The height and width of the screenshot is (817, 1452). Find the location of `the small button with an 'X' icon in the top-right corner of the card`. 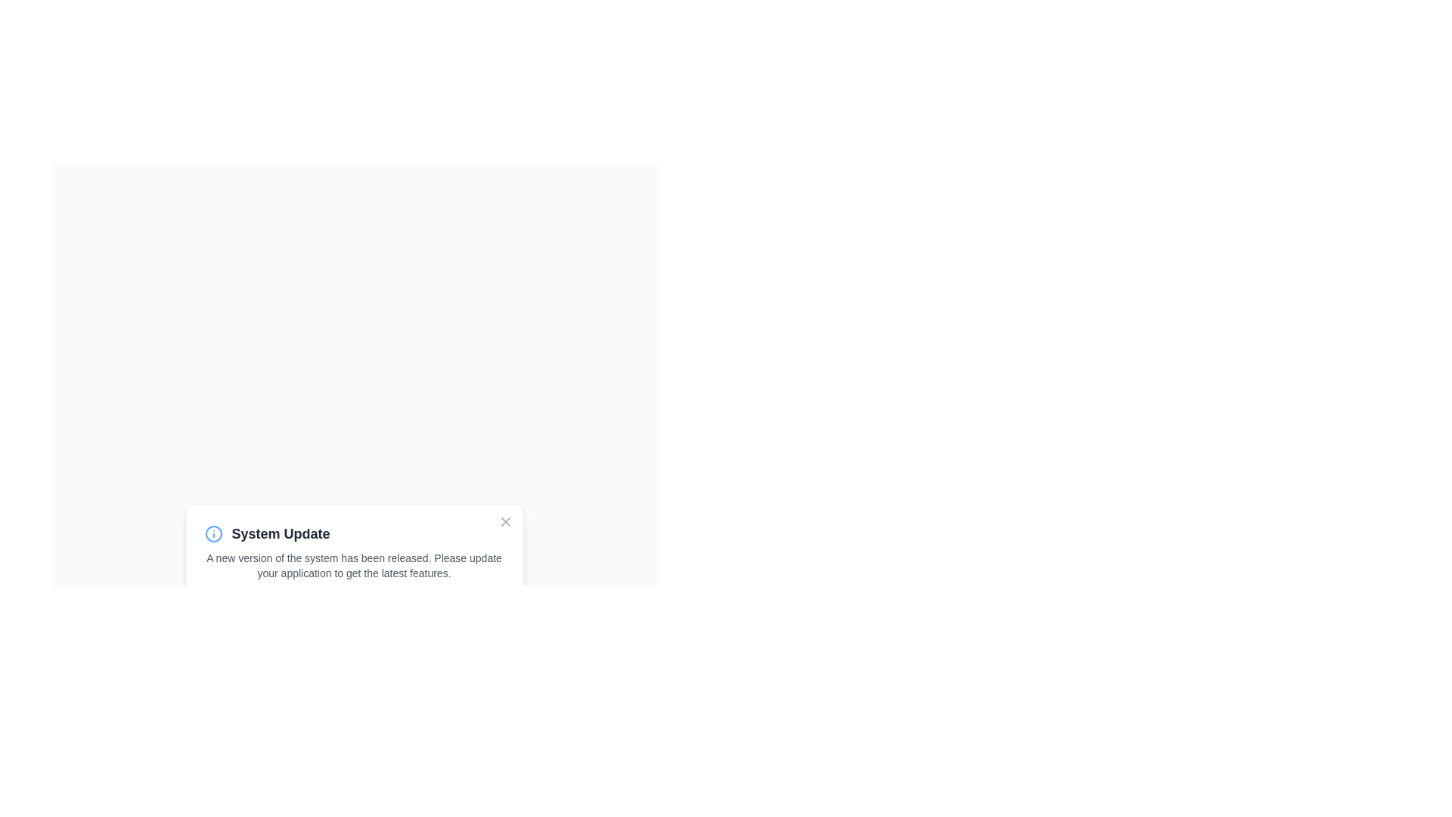

the small button with an 'X' icon in the top-right corner of the card is located at coordinates (505, 523).